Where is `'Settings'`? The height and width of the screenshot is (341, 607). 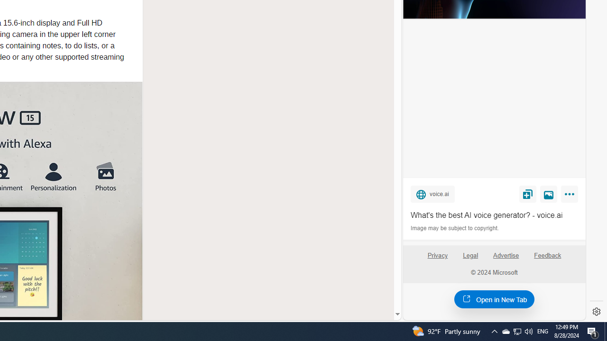
'Settings' is located at coordinates (596, 312).